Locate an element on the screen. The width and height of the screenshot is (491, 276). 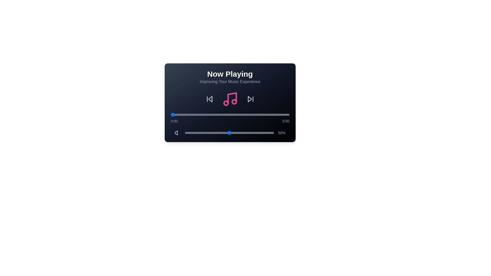
the playback progress to 176 seconds is located at coordinates (240, 114).